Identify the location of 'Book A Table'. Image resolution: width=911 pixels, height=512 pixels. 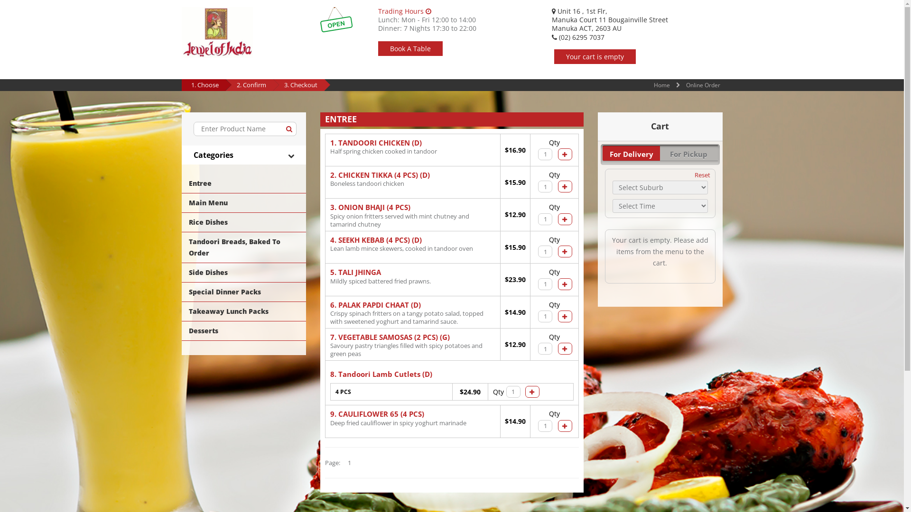
(410, 48).